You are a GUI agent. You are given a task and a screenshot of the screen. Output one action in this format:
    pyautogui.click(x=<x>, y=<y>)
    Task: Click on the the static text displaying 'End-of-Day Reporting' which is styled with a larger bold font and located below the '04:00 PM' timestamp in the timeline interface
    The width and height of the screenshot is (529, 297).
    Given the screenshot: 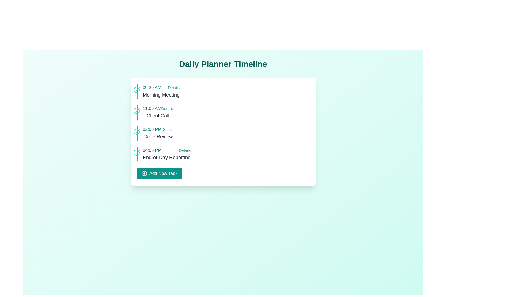 What is the action you would take?
    pyautogui.click(x=166, y=158)
    